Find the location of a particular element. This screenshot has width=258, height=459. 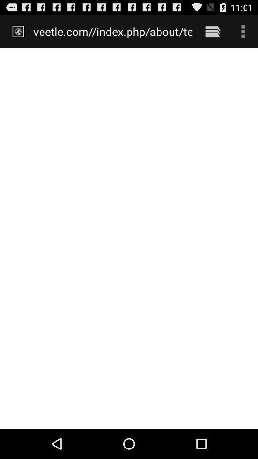

the item at the top is located at coordinates (112, 31).